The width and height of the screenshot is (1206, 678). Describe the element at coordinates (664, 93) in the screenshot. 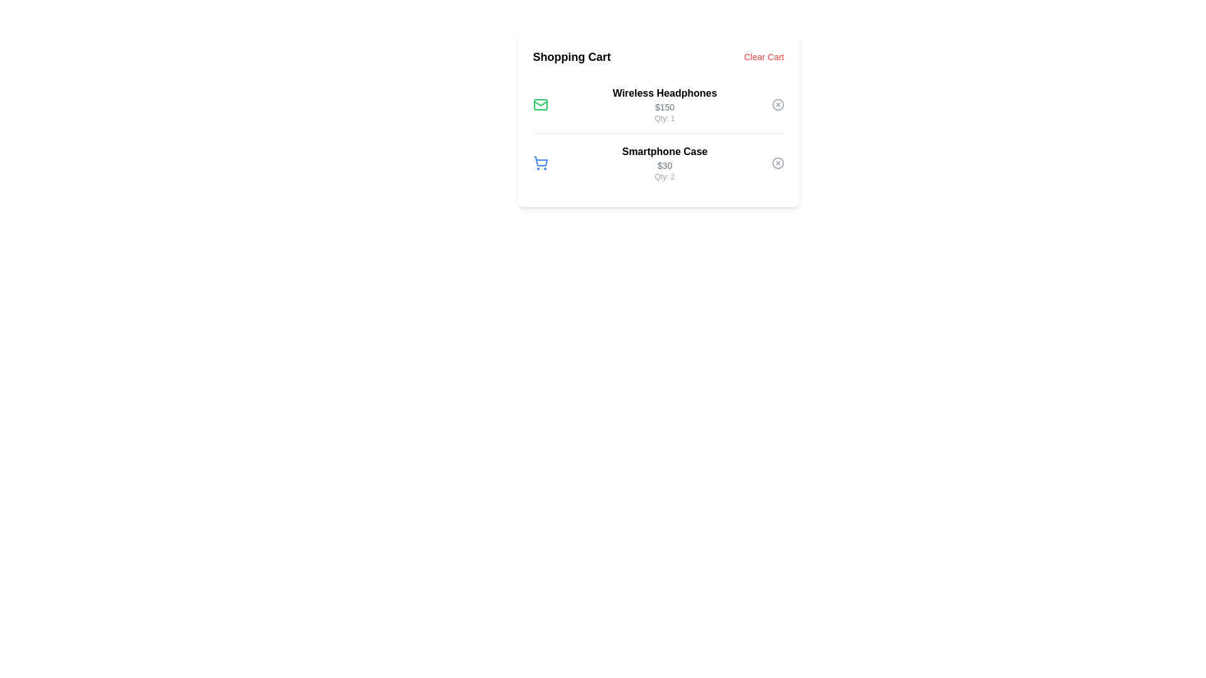

I see `bolded static text label displaying 'Wireless Headphones', which is the primary text component of the first listed cart item in the shopping cart interface` at that location.